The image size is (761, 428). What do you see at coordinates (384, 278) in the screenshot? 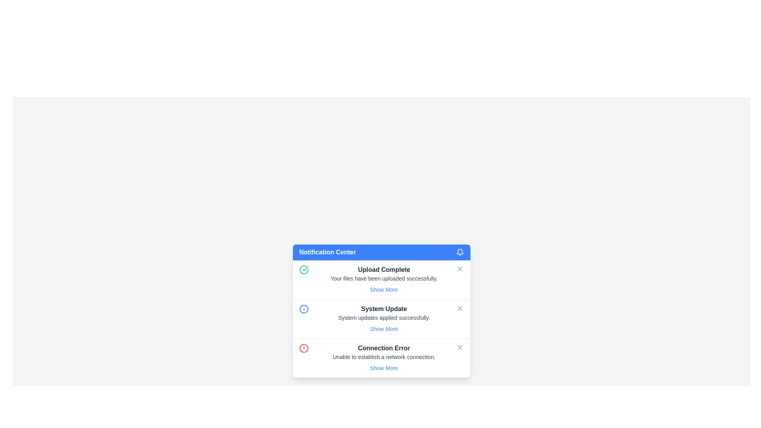
I see `message indicating the successful completion of the file upload process, located below the 'Upload Complete' title in the Notification Center's second component` at bounding box center [384, 278].